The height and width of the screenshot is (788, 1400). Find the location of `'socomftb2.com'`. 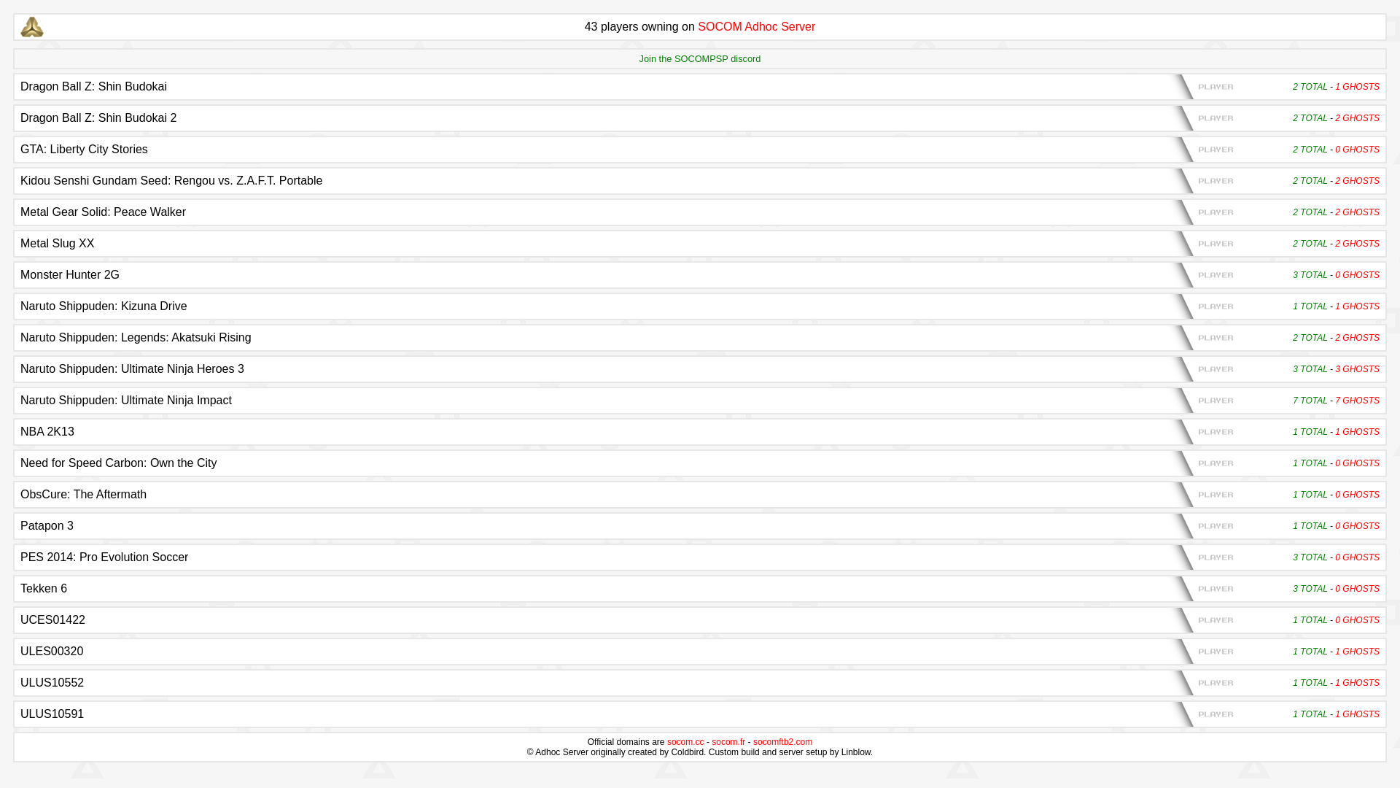

'socomftb2.com' is located at coordinates (752, 742).